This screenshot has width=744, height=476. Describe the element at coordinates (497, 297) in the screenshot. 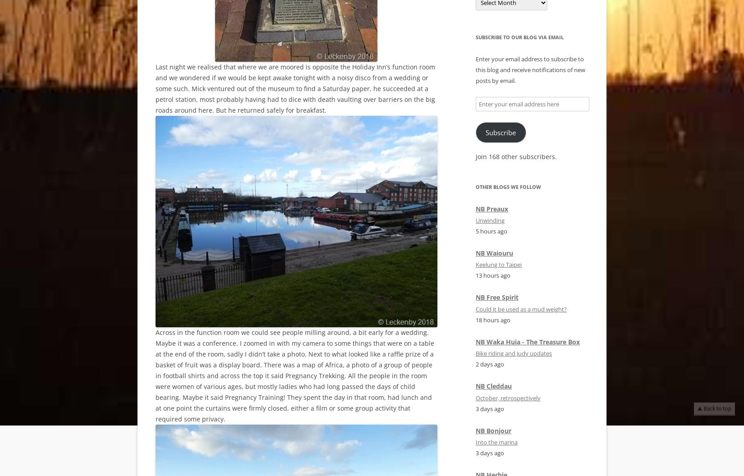

I see `'NB Free Spirit'` at that location.